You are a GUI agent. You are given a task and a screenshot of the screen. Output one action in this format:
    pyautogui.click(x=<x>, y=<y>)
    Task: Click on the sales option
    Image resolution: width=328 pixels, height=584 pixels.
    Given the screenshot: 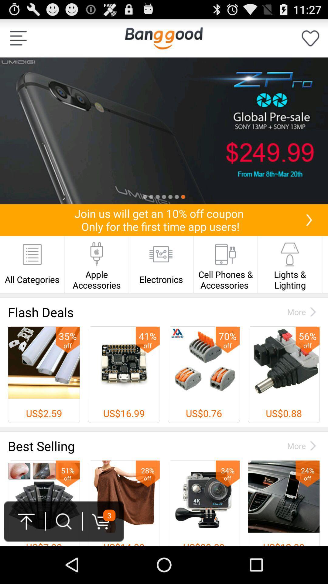 What is the action you would take?
    pyautogui.click(x=164, y=130)
    